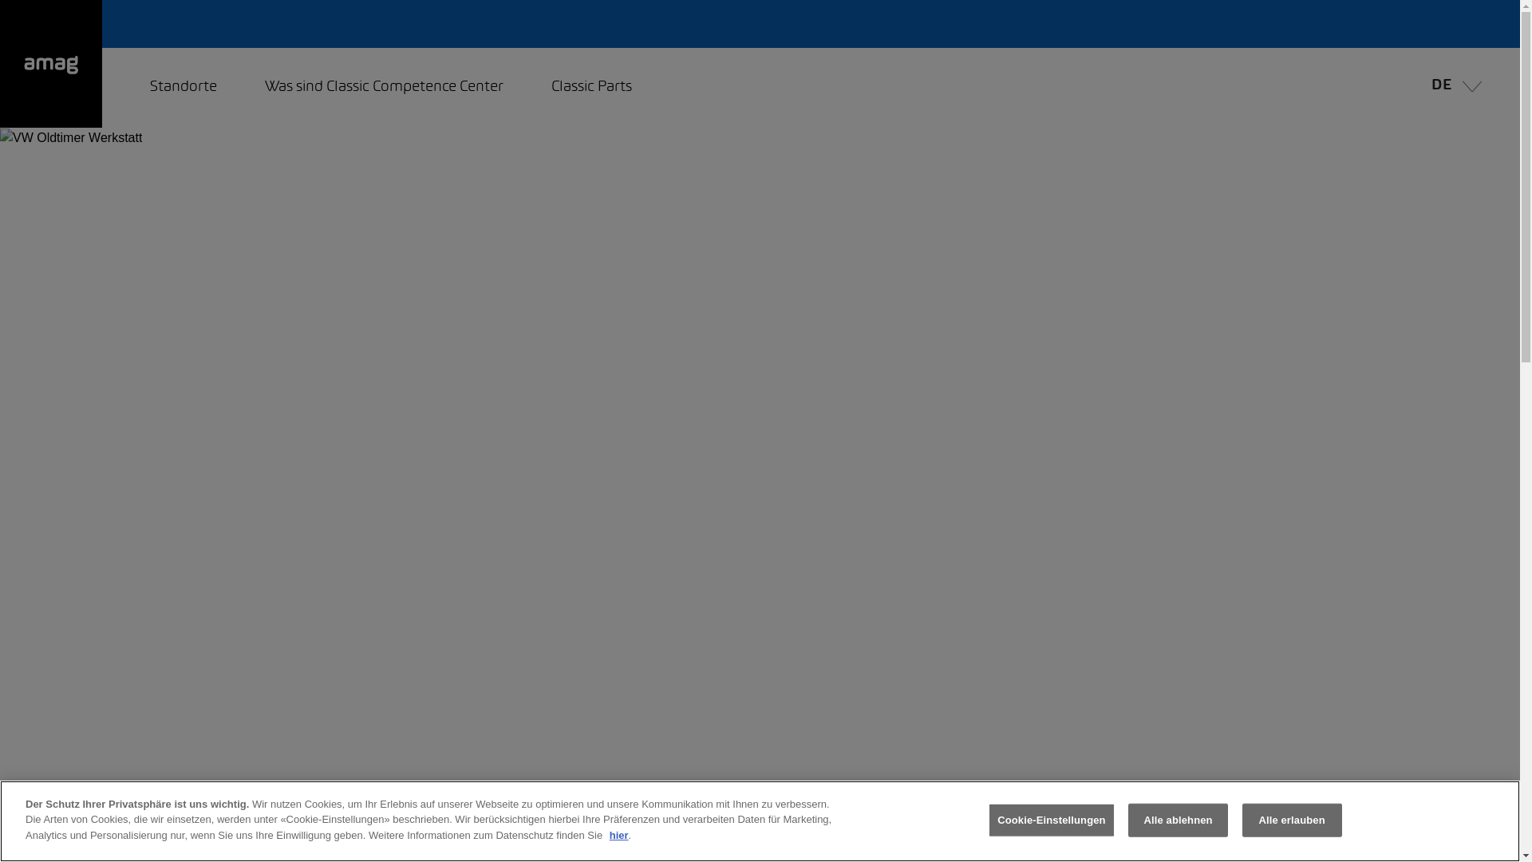 This screenshot has width=1532, height=862. What do you see at coordinates (1052, 820) in the screenshot?
I see `'Cookie-Einstellungen'` at bounding box center [1052, 820].